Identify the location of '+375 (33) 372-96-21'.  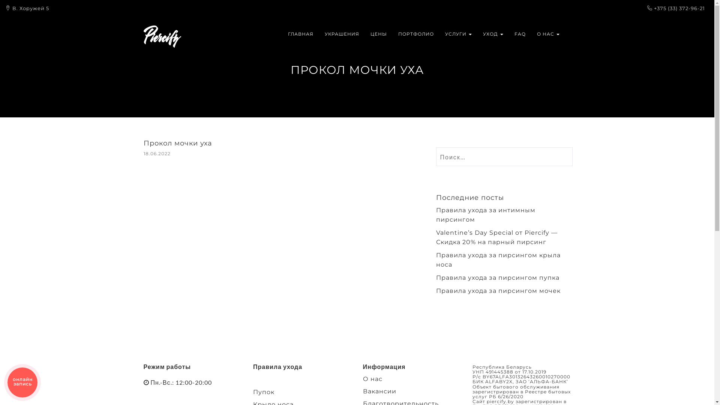
(653, 8).